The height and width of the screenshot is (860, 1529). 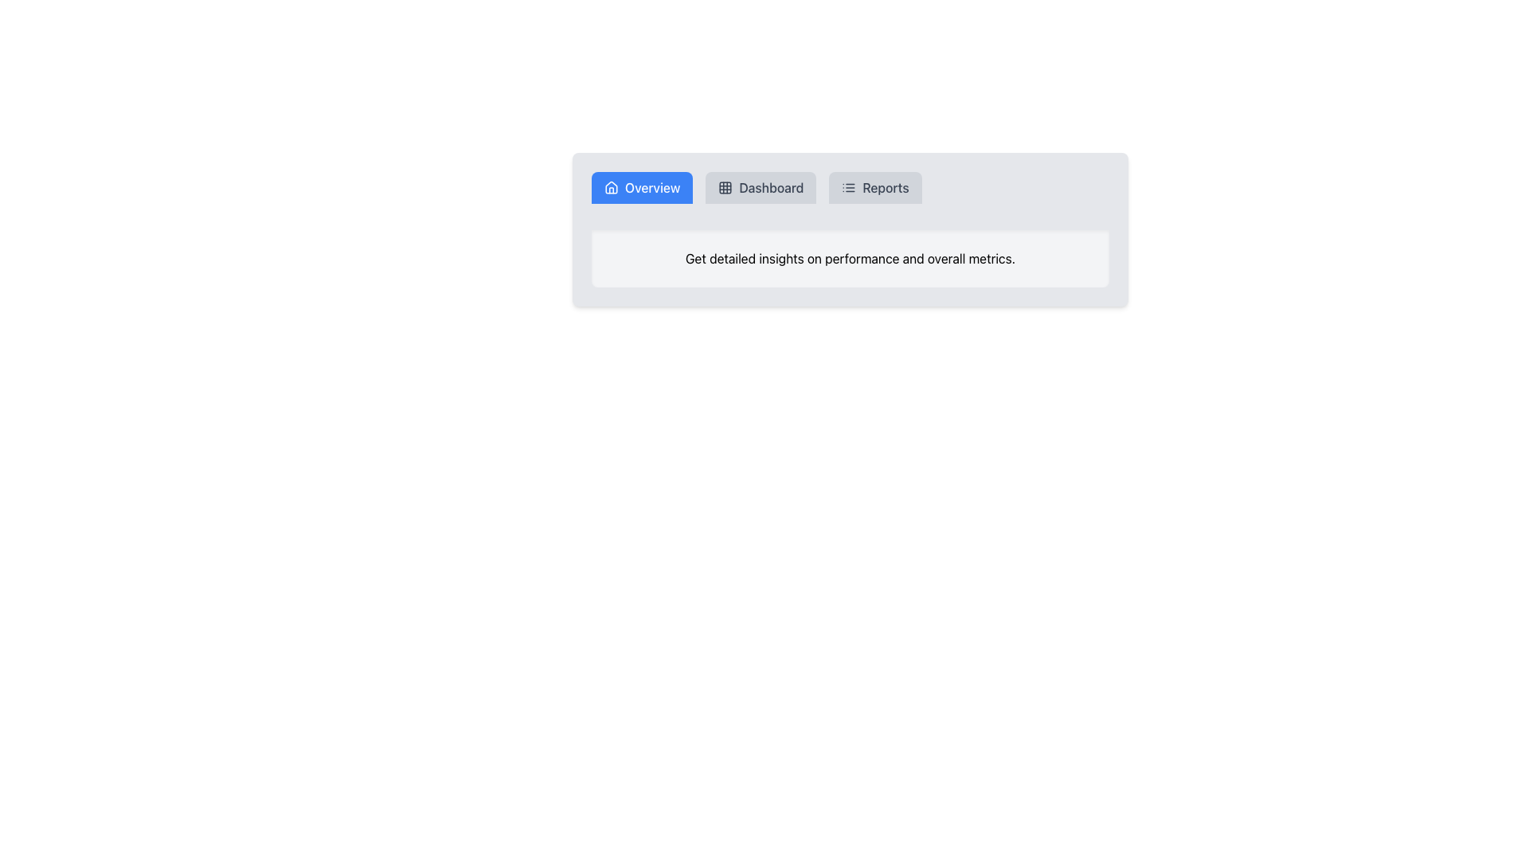 I want to click on the Dashboard icon in the navigation bar, positioned left of the 'Dashboard' text label, so click(x=725, y=186).